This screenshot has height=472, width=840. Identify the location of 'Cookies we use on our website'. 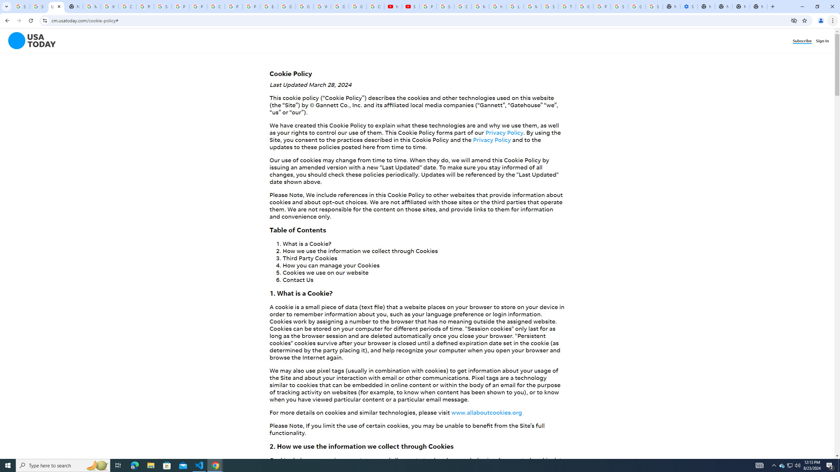
(325, 272).